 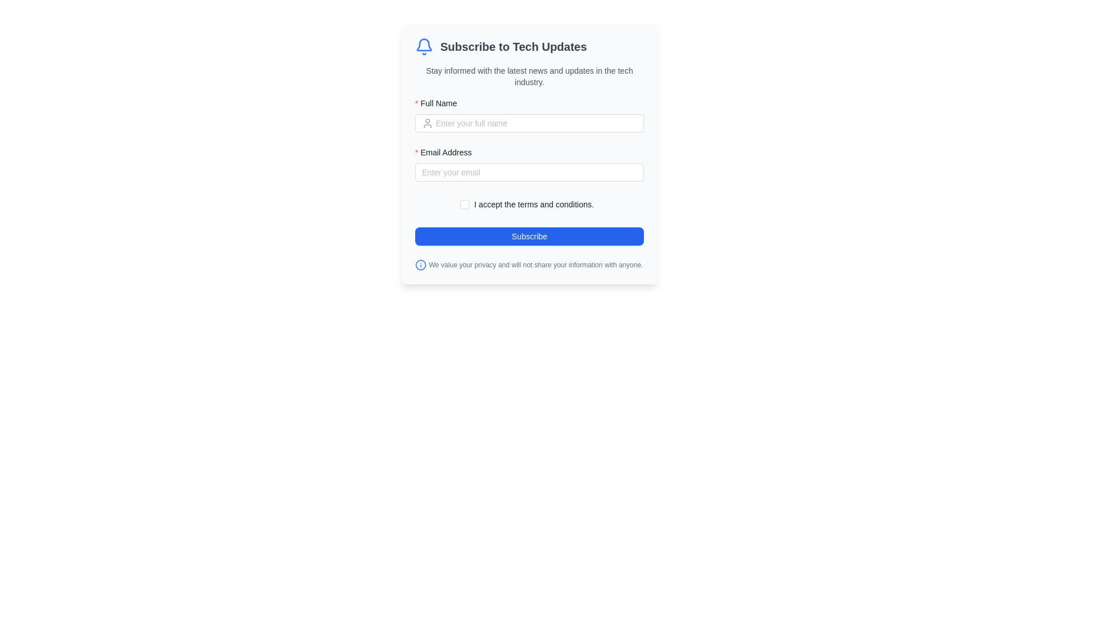 I want to click on the hyperlink associated with the checkbox that allows users to agree to the terms and conditions before subscribing, so click(x=529, y=204).